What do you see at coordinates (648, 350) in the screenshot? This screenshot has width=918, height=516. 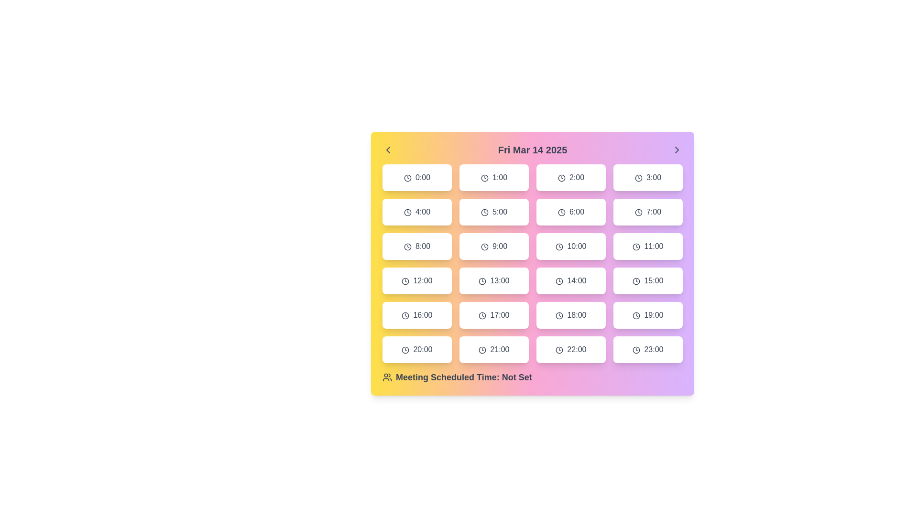 I see `the button displaying the clock icon and the time '23:00'` at bounding box center [648, 350].